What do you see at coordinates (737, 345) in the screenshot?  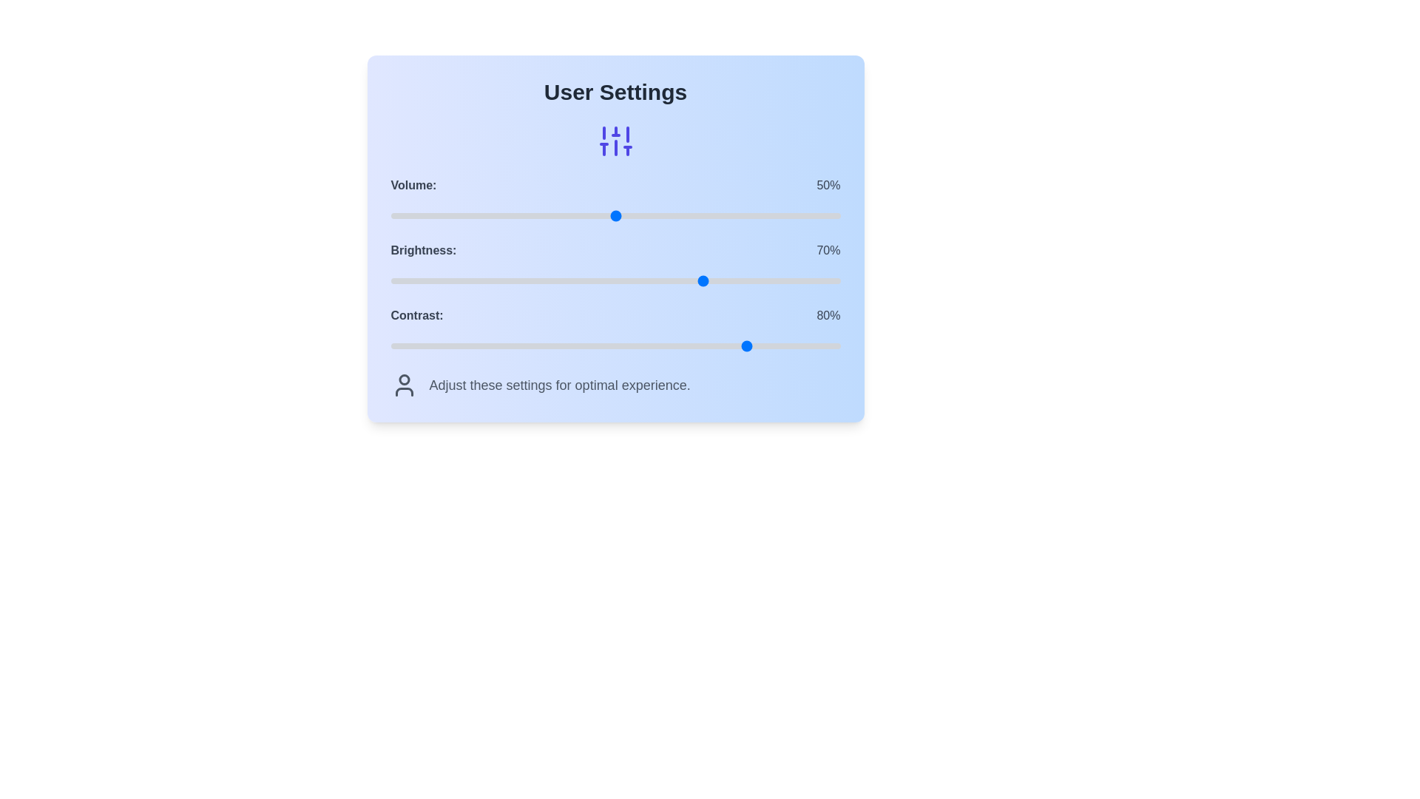 I see `contrast` at bounding box center [737, 345].